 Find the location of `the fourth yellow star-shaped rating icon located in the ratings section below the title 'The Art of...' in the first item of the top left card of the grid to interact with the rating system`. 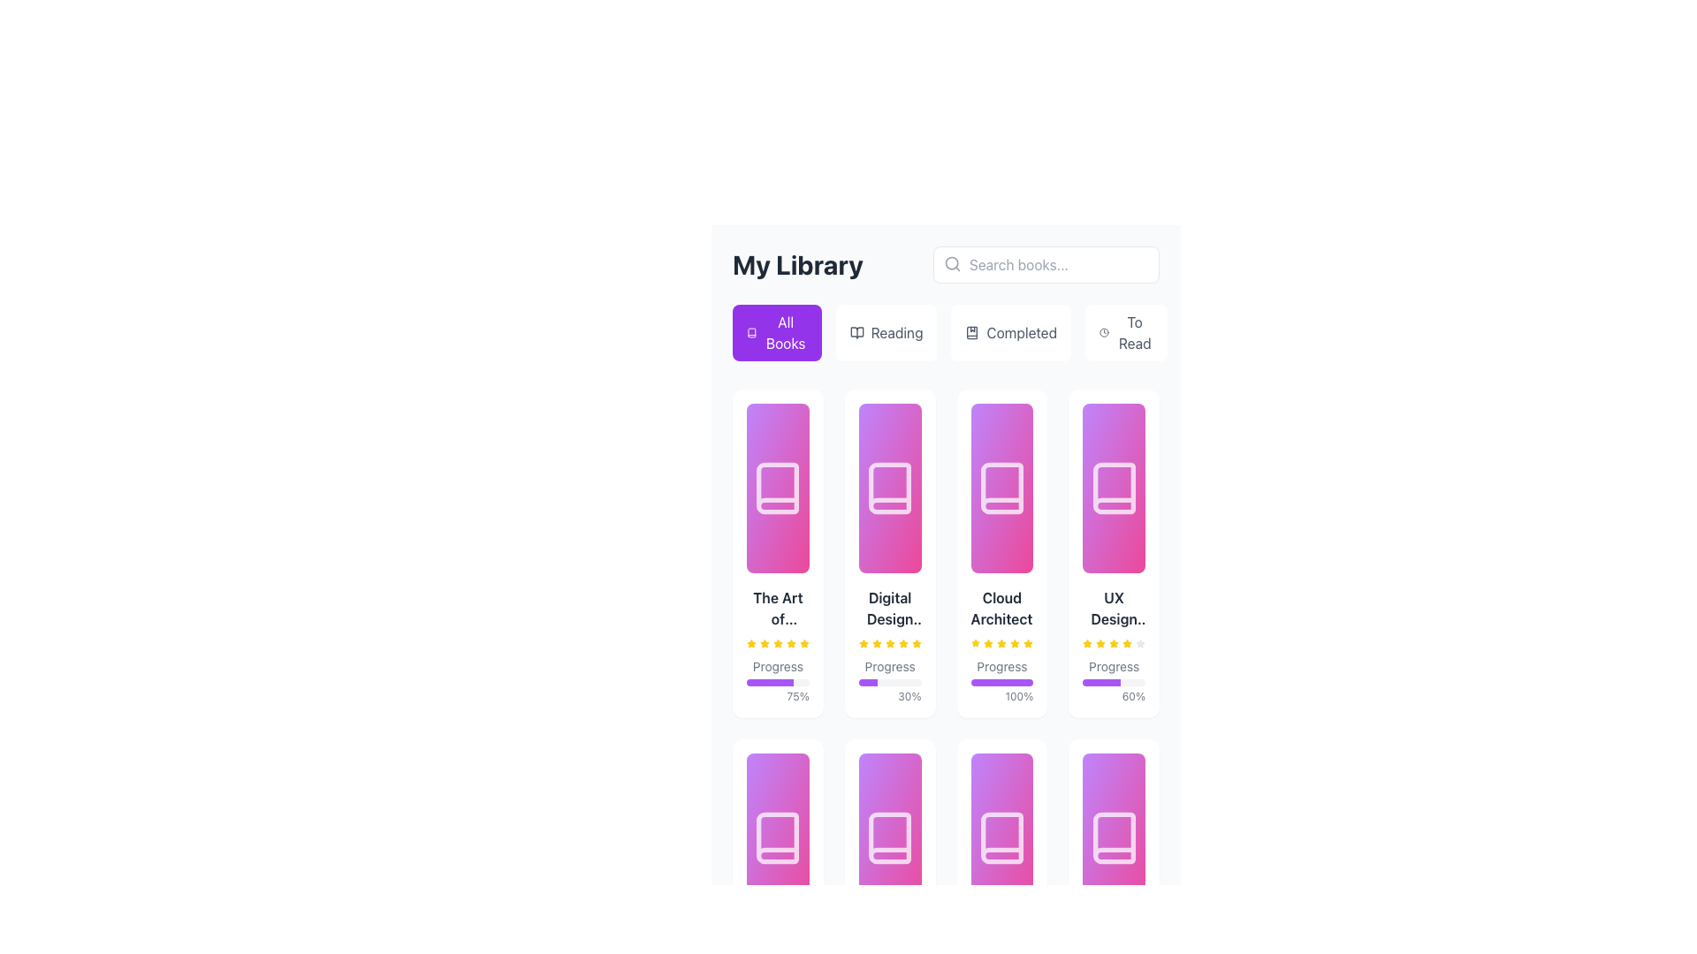

the fourth yellow star-shaped rating icon located in the ratings section below the title 'The Art of...' in the first item of the top left card of the grid to interact with the rating system is located at coordinates (778, 643).